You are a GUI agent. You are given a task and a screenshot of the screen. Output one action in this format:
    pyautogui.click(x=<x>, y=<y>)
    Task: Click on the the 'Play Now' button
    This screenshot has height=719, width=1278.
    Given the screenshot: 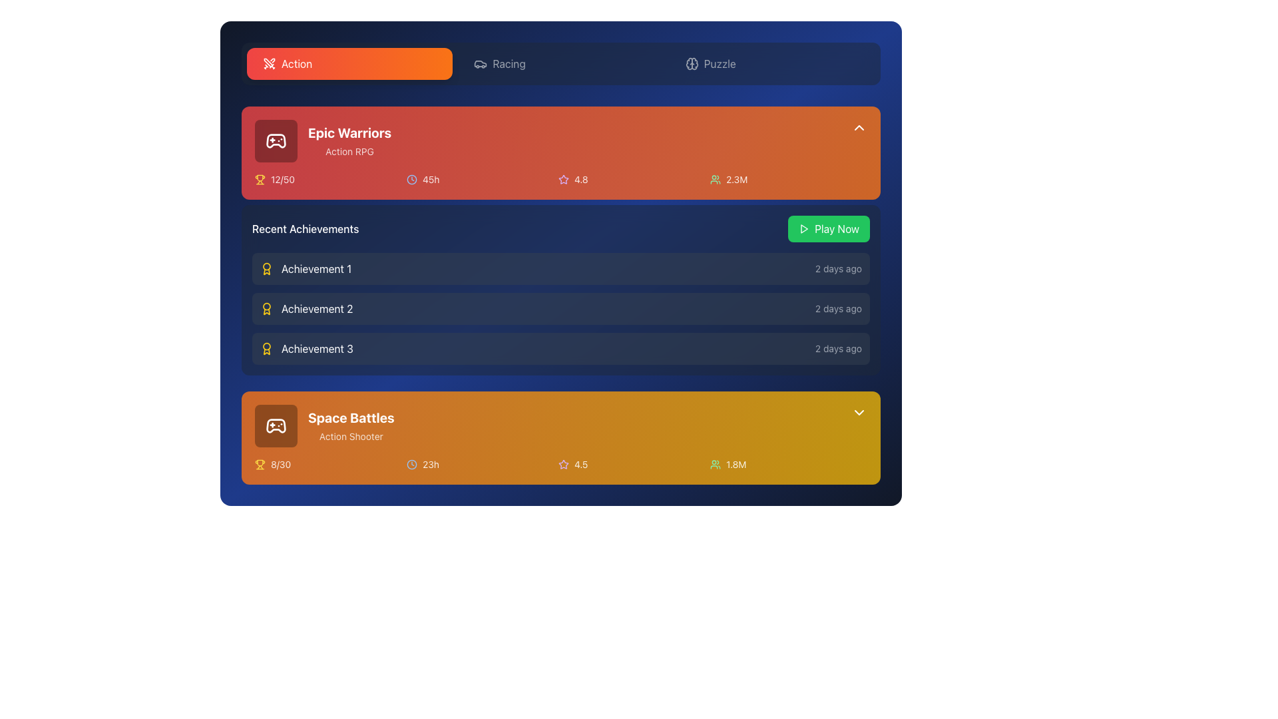 What is the action you would take?
    pyautogui.click(x=828, y=228)
    